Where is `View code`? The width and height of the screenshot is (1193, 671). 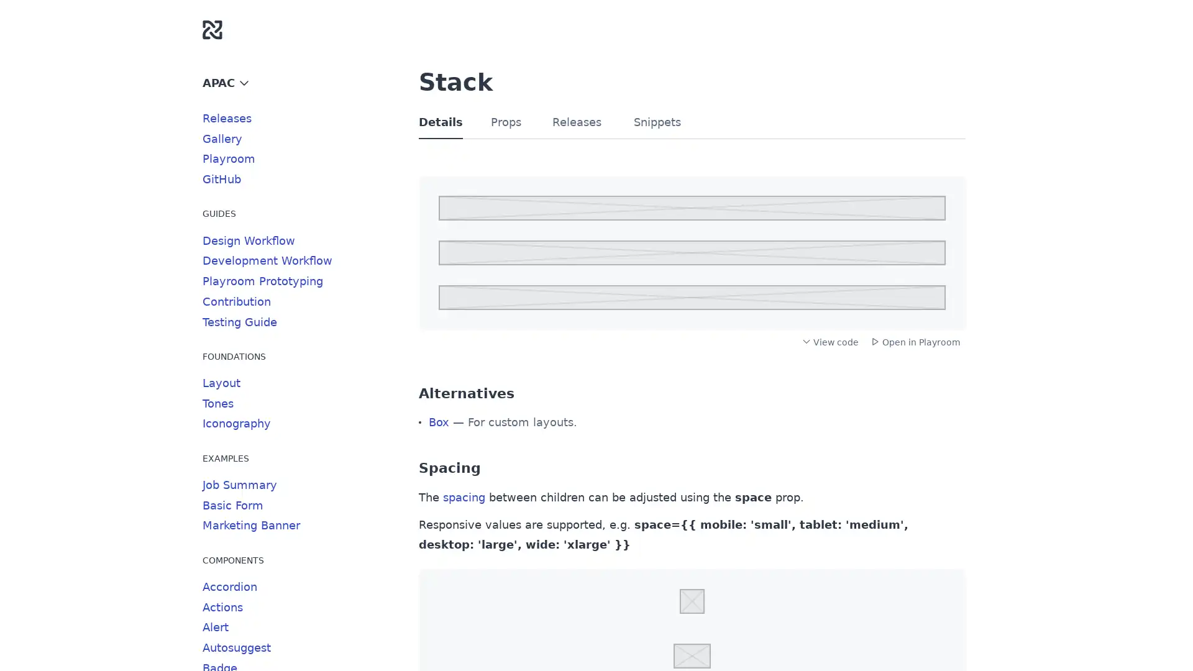
View code is located at coordinates (830, 342).